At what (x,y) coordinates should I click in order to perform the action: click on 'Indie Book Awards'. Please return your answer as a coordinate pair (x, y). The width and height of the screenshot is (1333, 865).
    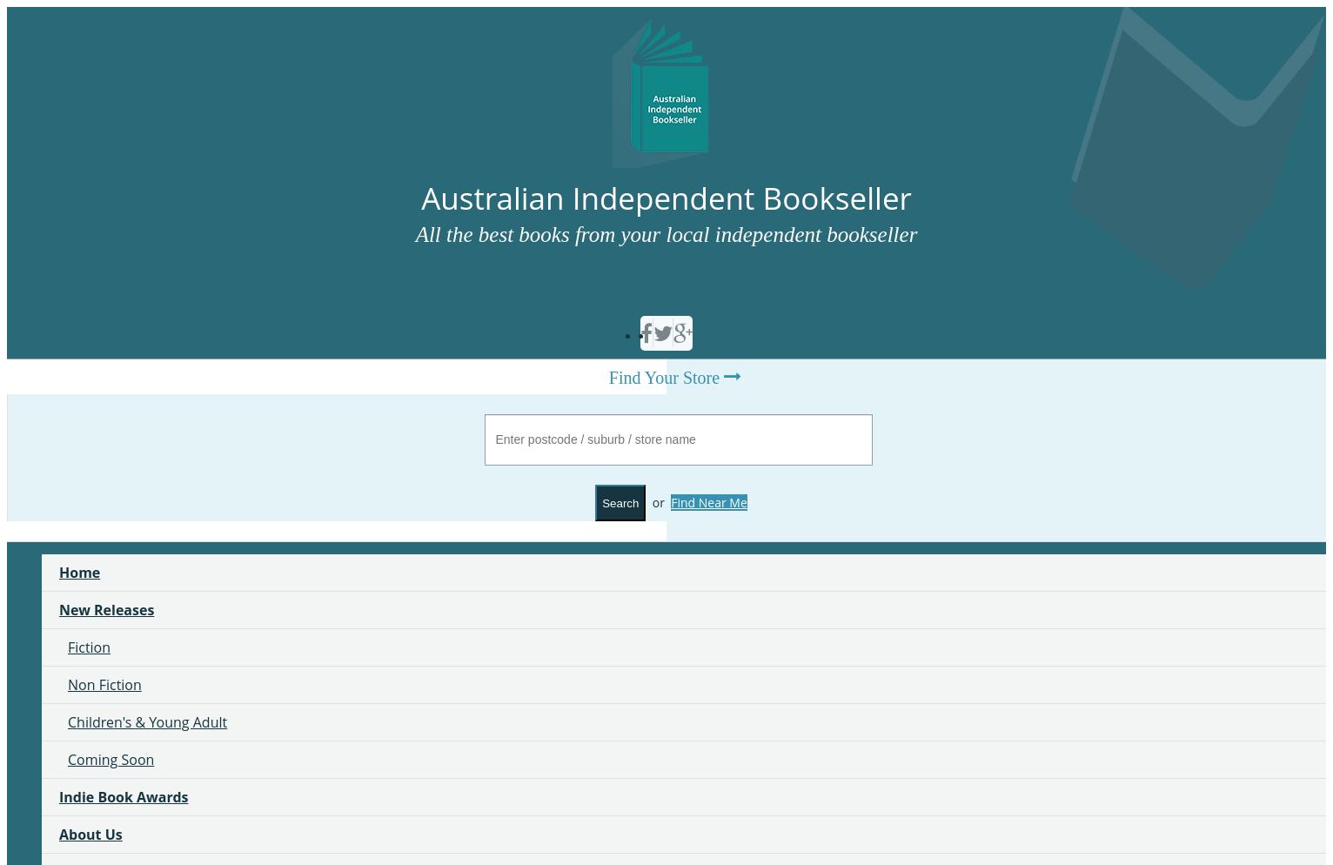
    Looking at the image, I should click on (59, 795).